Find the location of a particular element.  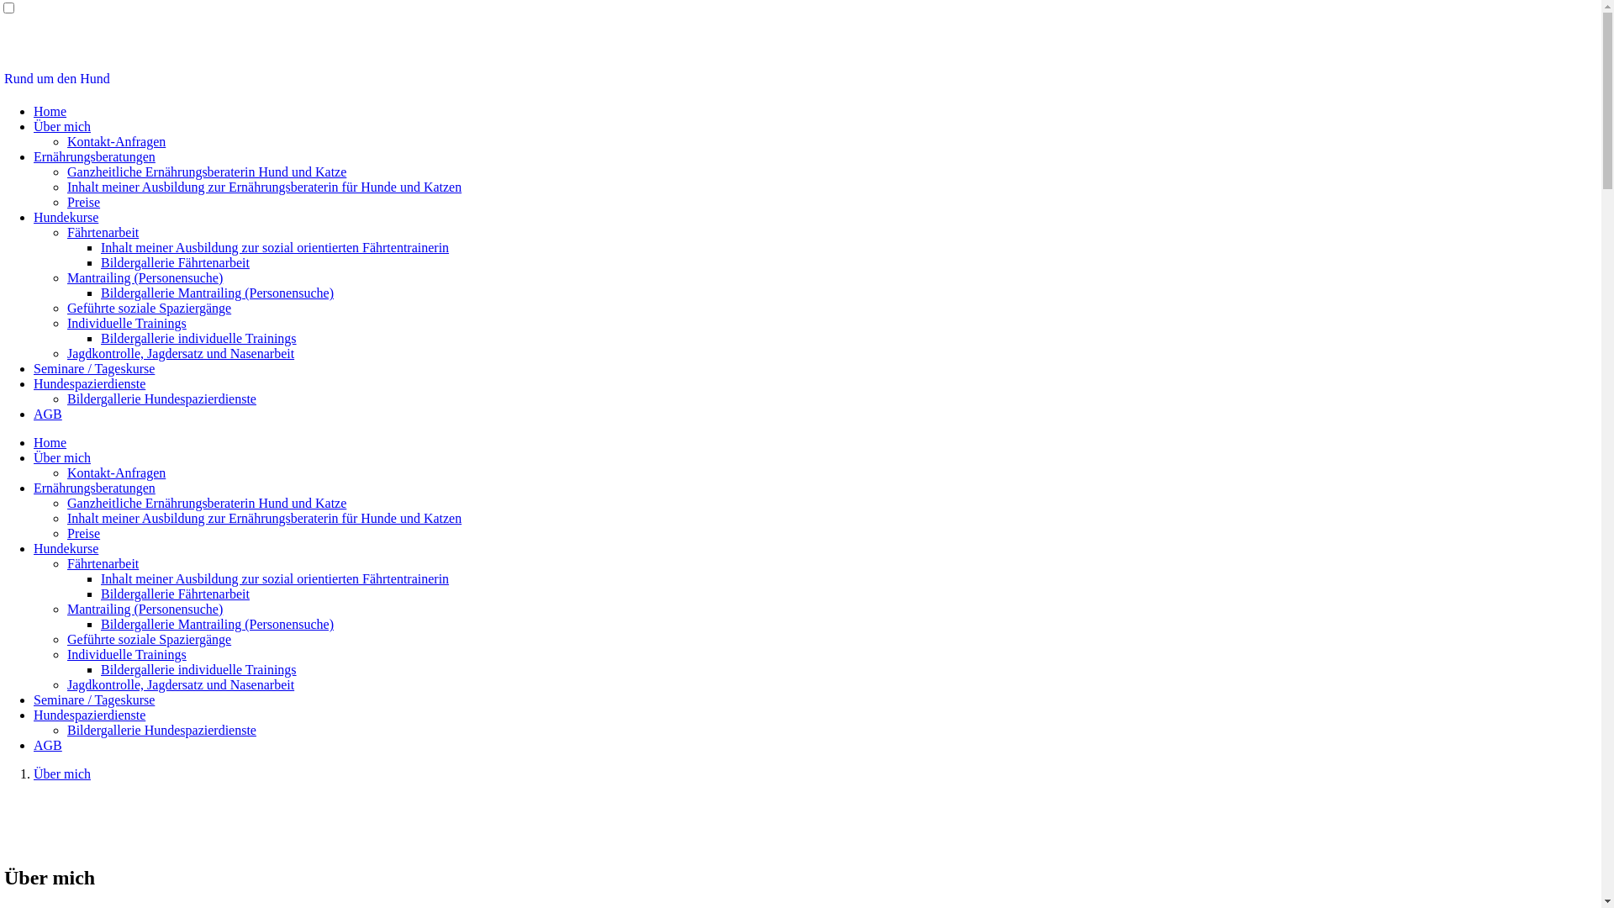

'AGB' is located at coordinates (48, 744).